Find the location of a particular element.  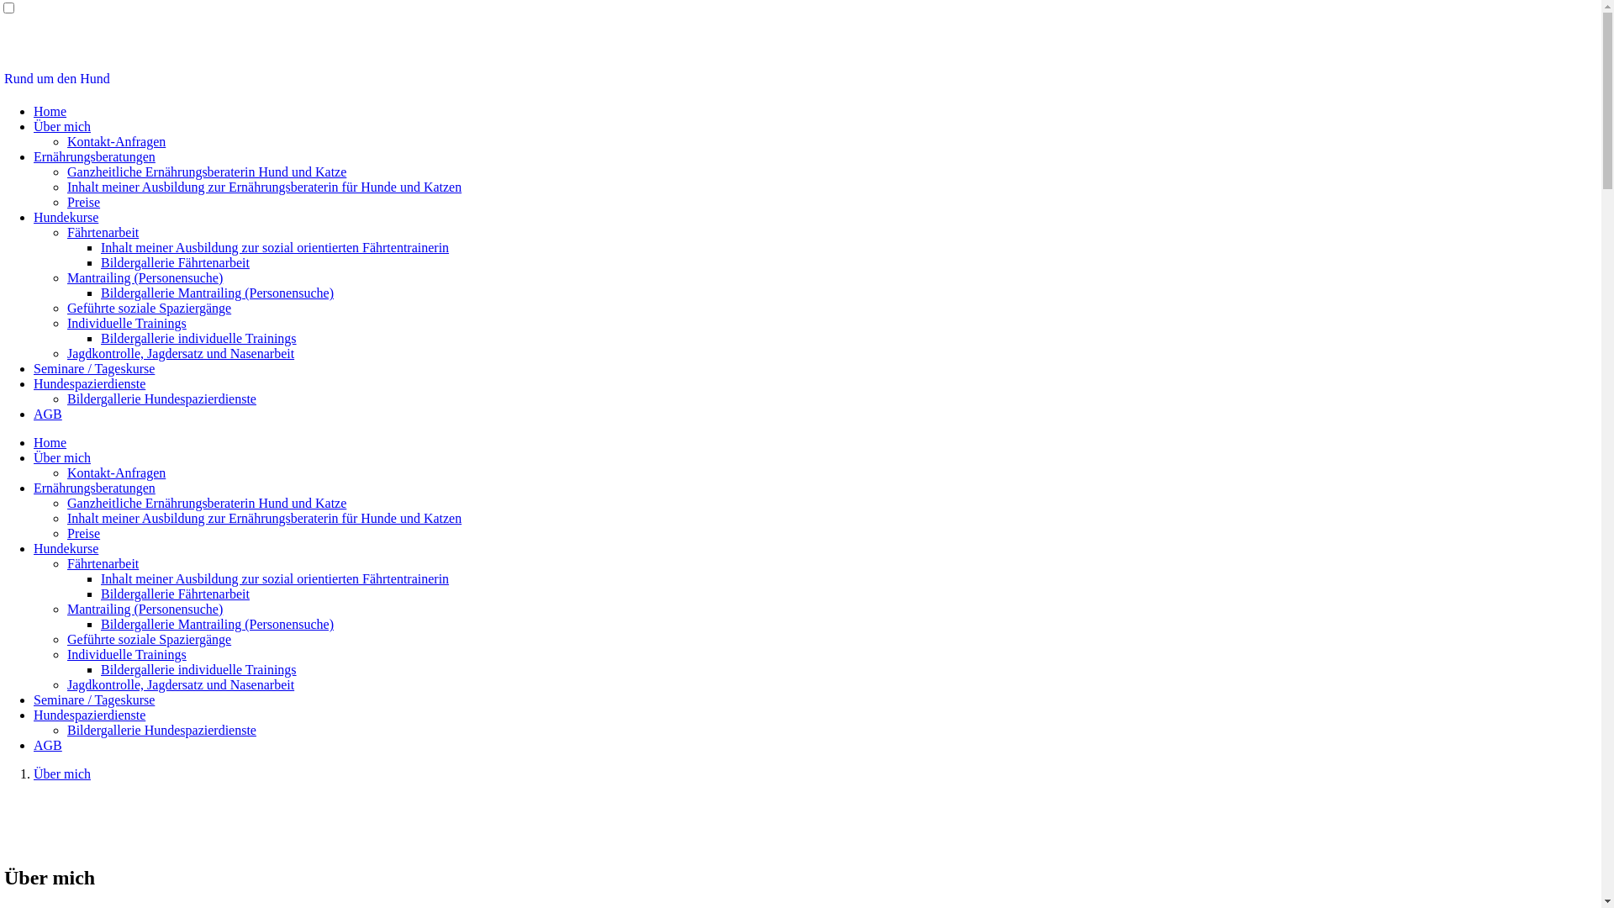

'AGB' is located at coordinates (48, 744).